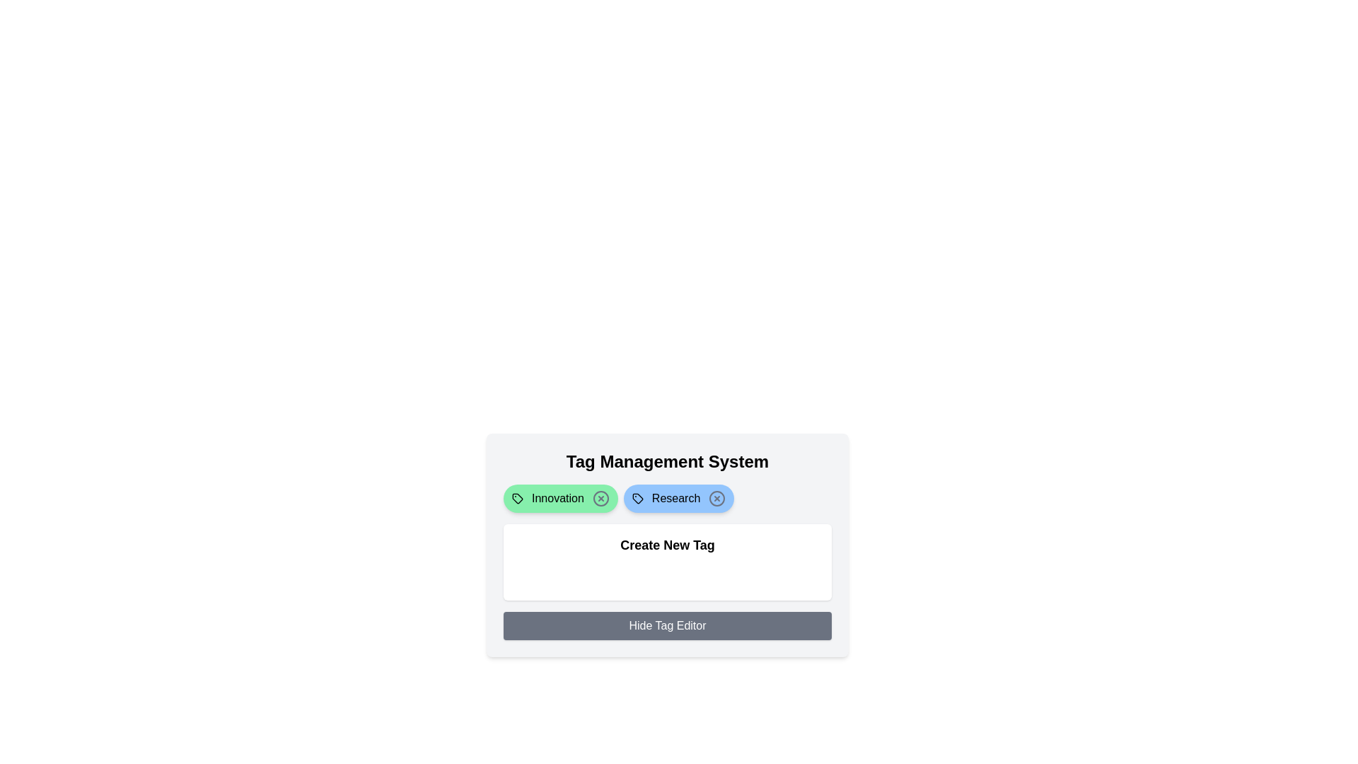 The image size is (1358, 764). I want to click on close button on the tag labeled 'Innovation' to remove it, so click(600, 498).